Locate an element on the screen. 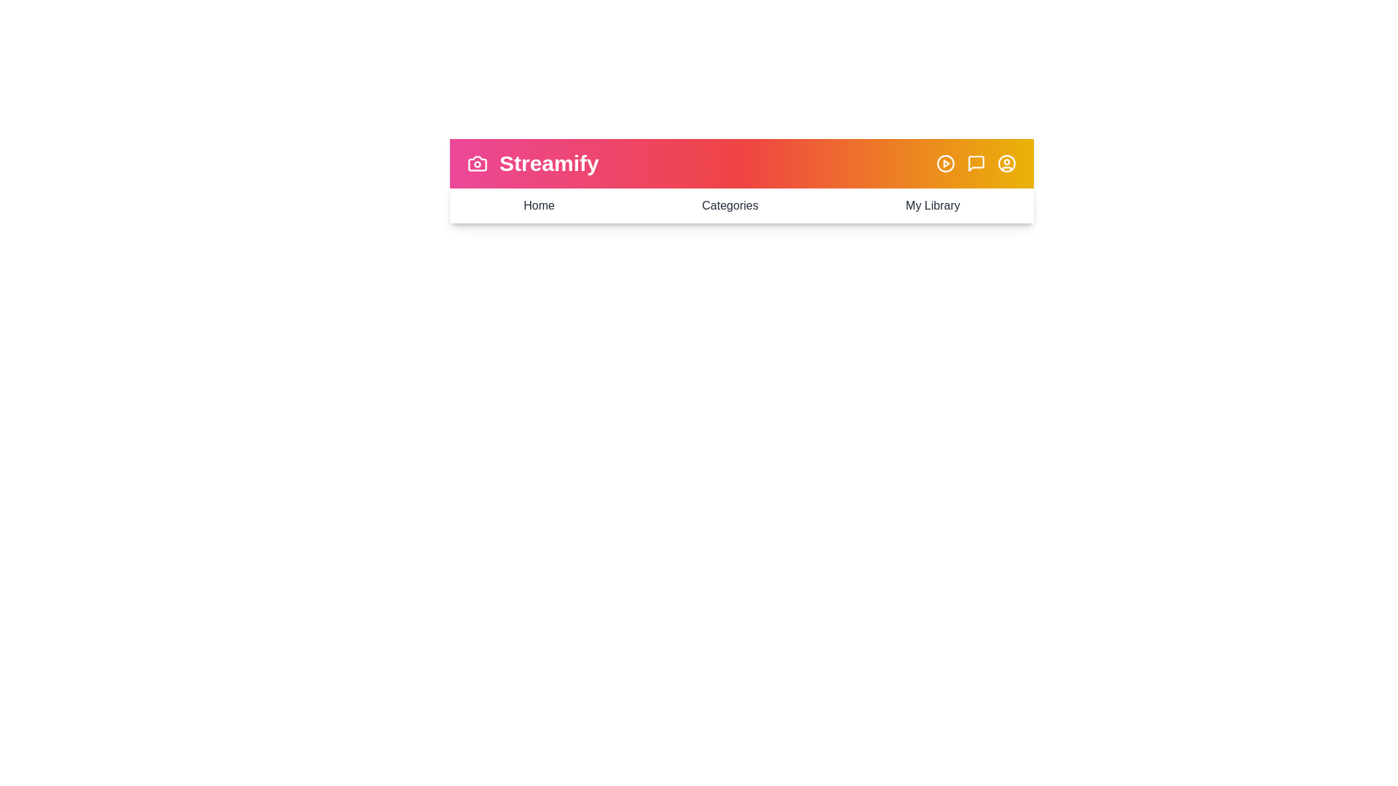 The height and width of the screenshot is (786, 1398). the 'My Library' menu item to navigate to the My Library view is located at coordinates (933, 205).